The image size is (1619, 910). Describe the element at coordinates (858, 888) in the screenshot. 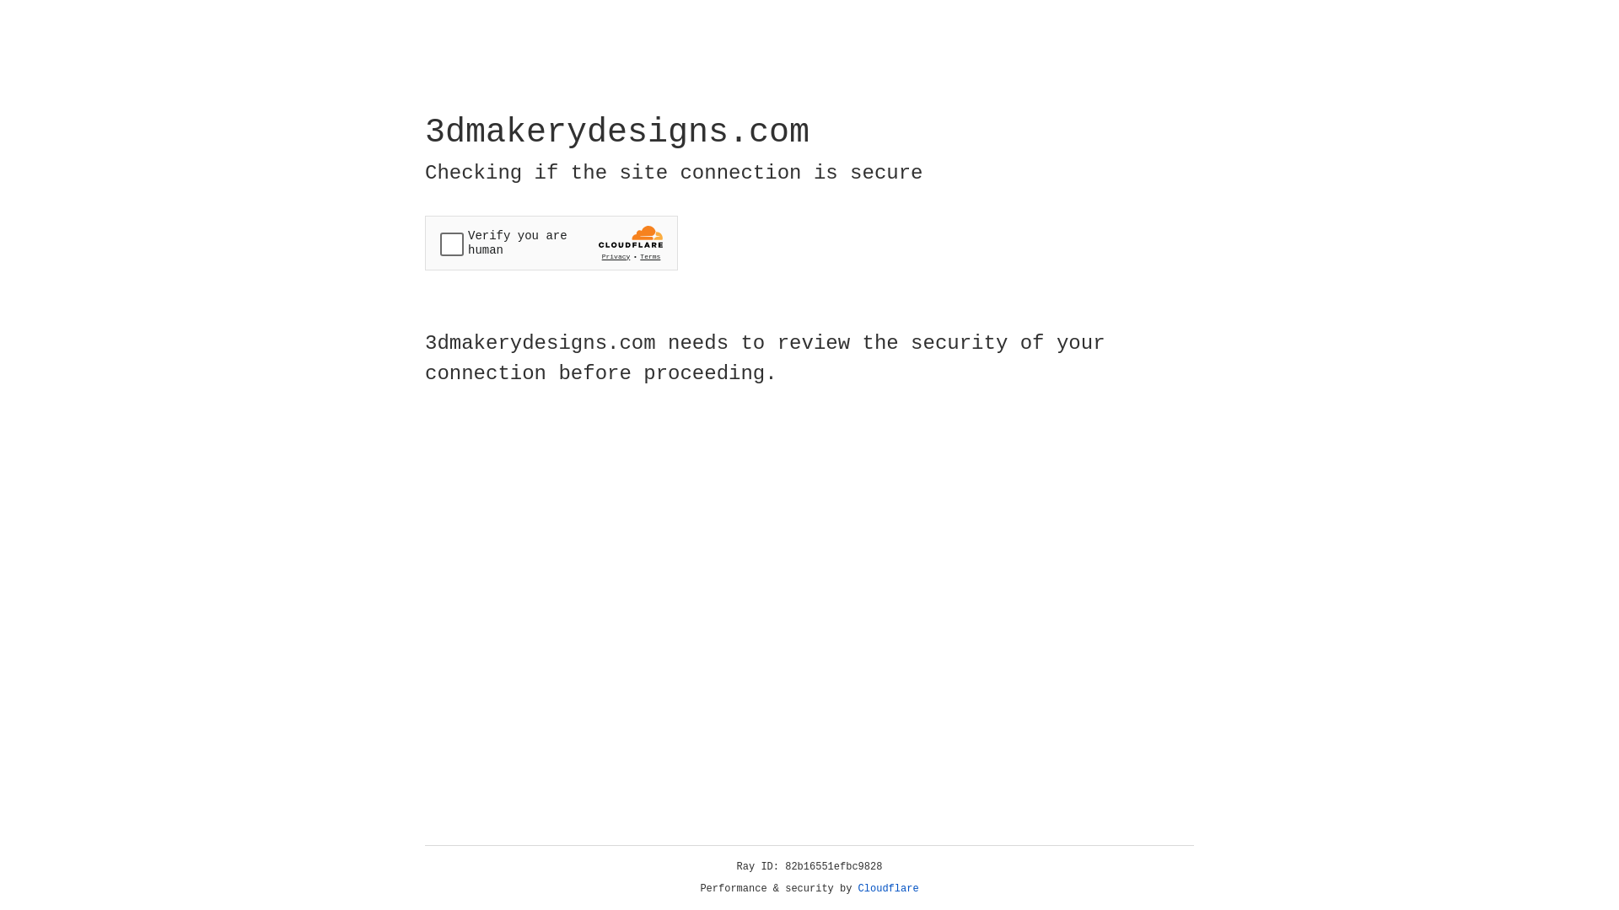

I see `'Cloudflare'` at that location.